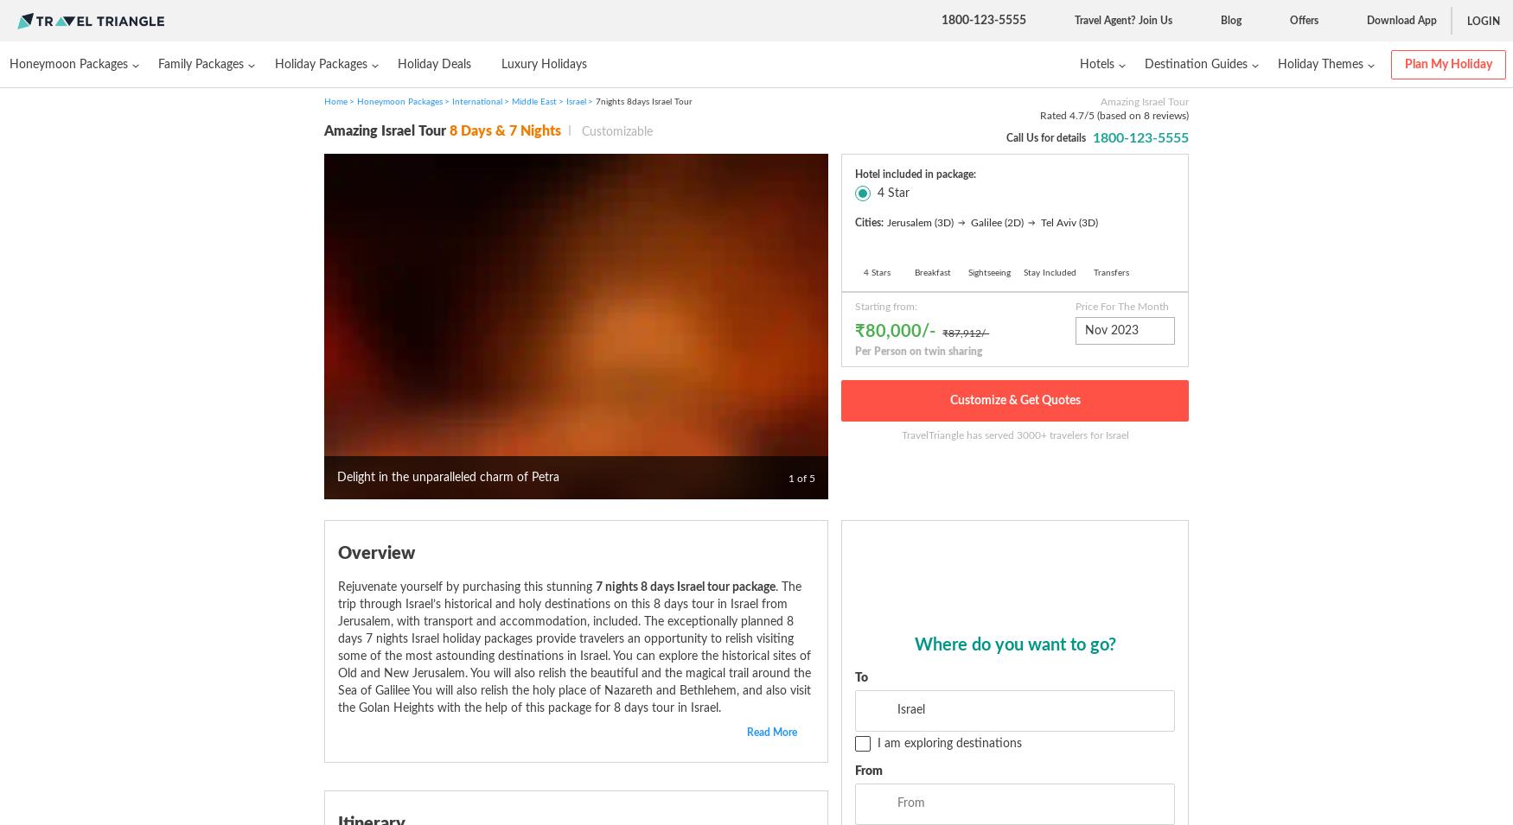  I want to click on 'Family Packages', so click(201, 63).